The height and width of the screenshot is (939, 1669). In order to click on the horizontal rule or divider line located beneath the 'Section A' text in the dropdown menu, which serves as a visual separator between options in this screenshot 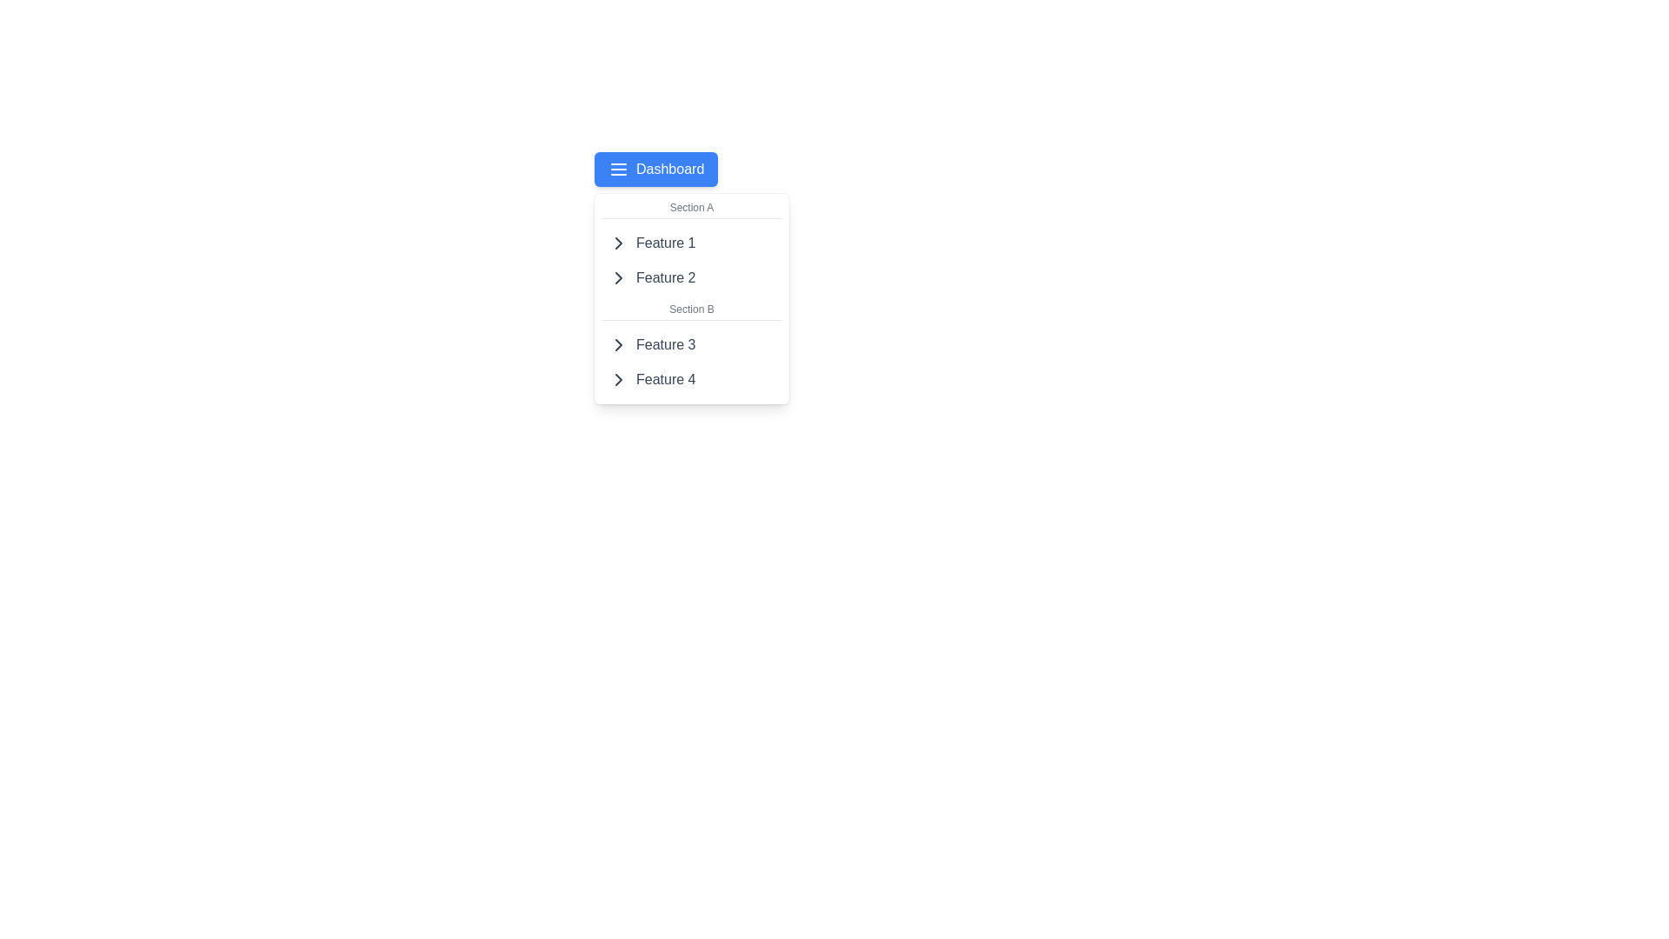, I will do `click(691, 217)`.